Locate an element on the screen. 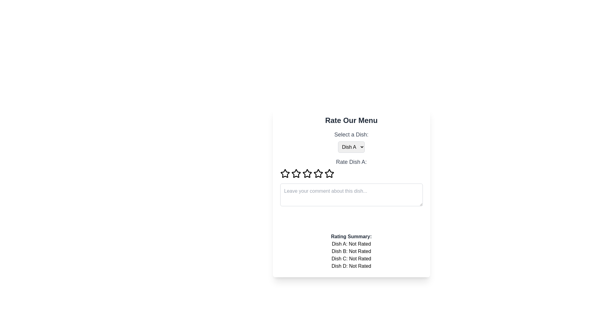  the text label that reads 'Dish A: Not Rated', which is positioned under the 'Rating Summary:' section and above 'Dish B: Not Rated' is located at coordinates (351, 244).